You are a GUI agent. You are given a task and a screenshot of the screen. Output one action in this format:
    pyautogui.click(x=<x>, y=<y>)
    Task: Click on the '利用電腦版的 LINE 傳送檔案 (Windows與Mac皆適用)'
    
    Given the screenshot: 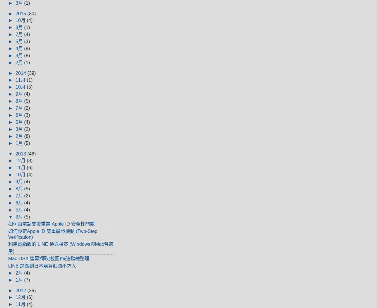 What is the action you would take?
    pyautogui.click(x=61, y=247)
    